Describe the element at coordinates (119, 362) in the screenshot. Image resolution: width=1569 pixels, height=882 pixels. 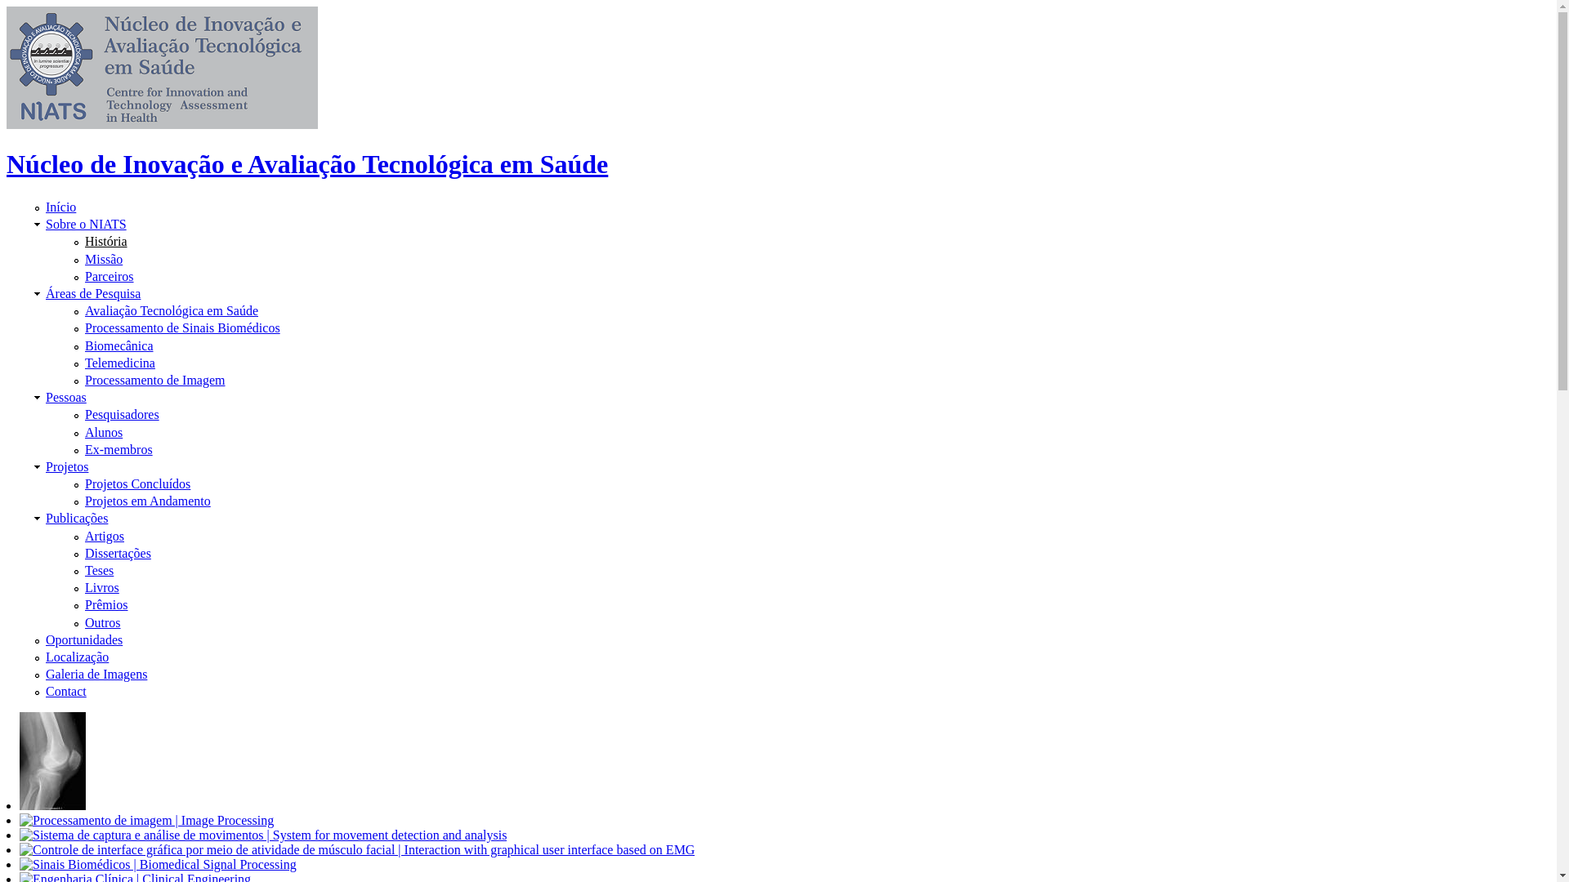
I see `'Telemedicina'` at that location.